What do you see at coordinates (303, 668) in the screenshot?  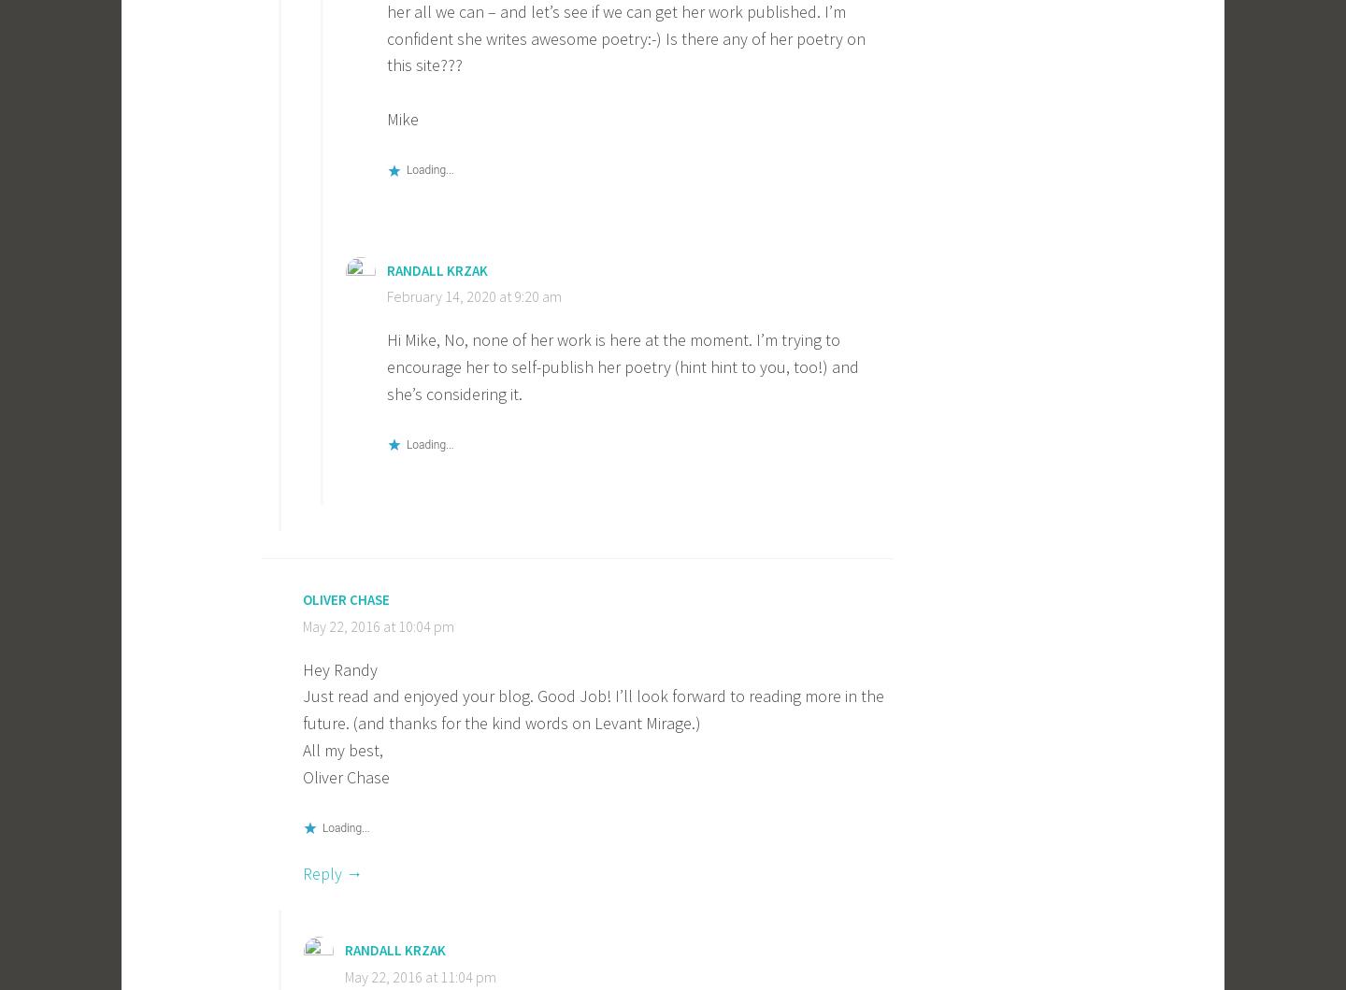 I see `'Hey Randy'` at bounding box center [303, 668].